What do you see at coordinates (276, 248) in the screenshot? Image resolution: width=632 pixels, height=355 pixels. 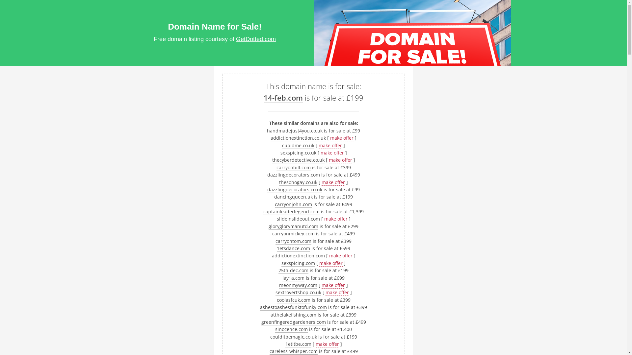 I see `'1etsdance.com'` at bounding box center [276, 248].